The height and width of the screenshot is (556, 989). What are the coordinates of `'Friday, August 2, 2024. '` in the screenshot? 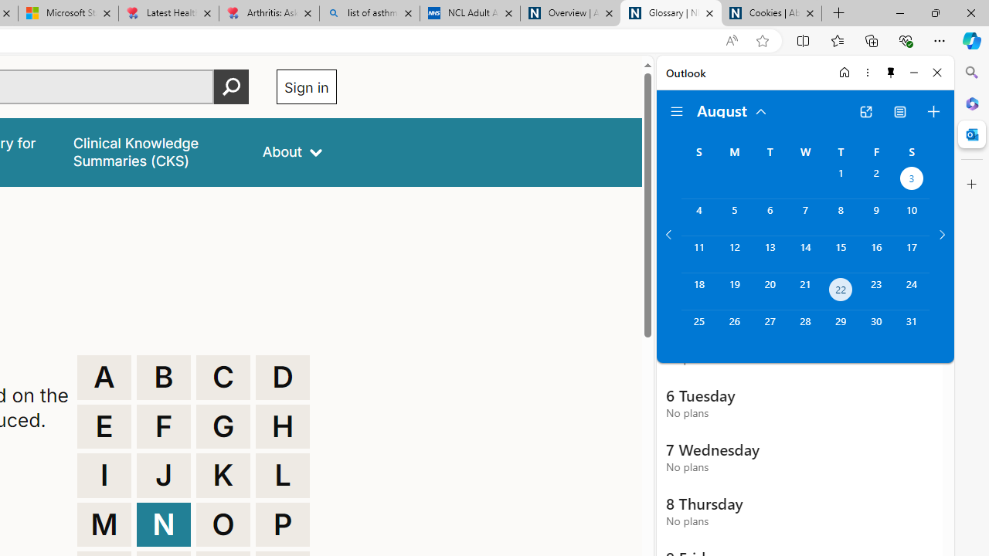 It's located at (876, 179).